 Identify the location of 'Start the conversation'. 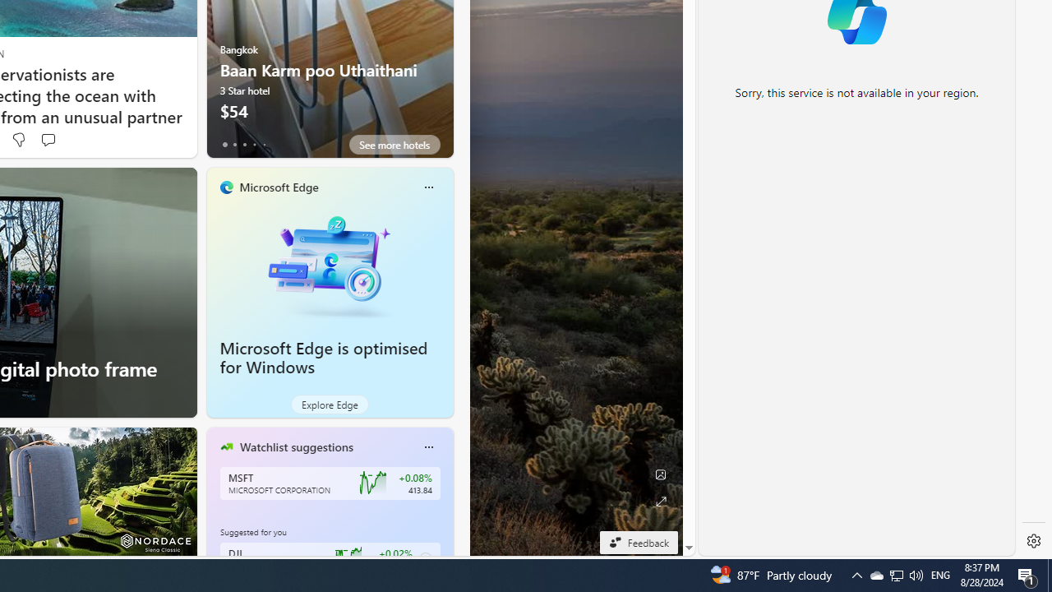
(48, 138).